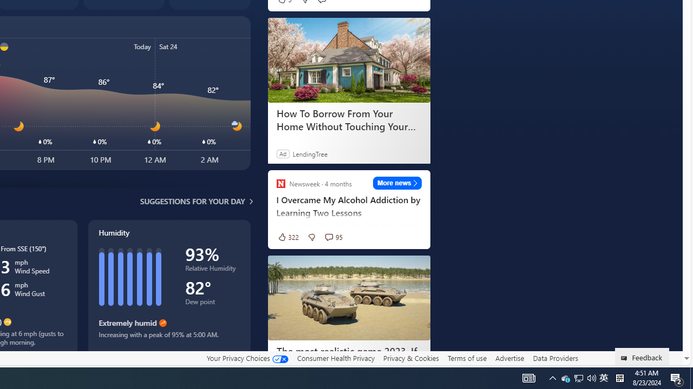  What do you see at coordinates (335, 358) in the screenshot?
I see `'Consumer Health Privacy'` at bounding box center [335, 358].